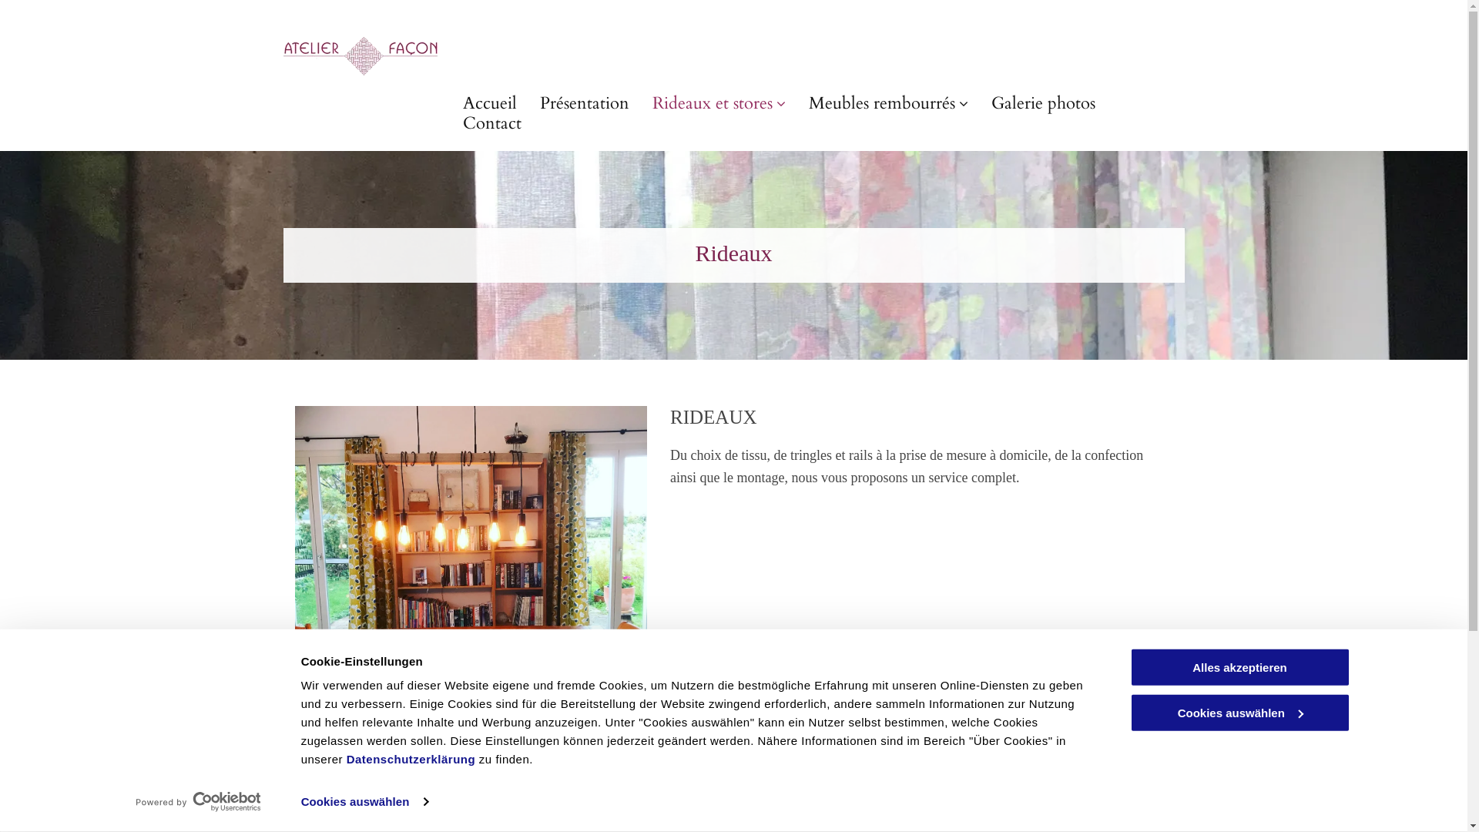  What do you see at coordinates (489, 103) in the screenshot?
I see `'Accueil'` at bounding box center [489, 103].